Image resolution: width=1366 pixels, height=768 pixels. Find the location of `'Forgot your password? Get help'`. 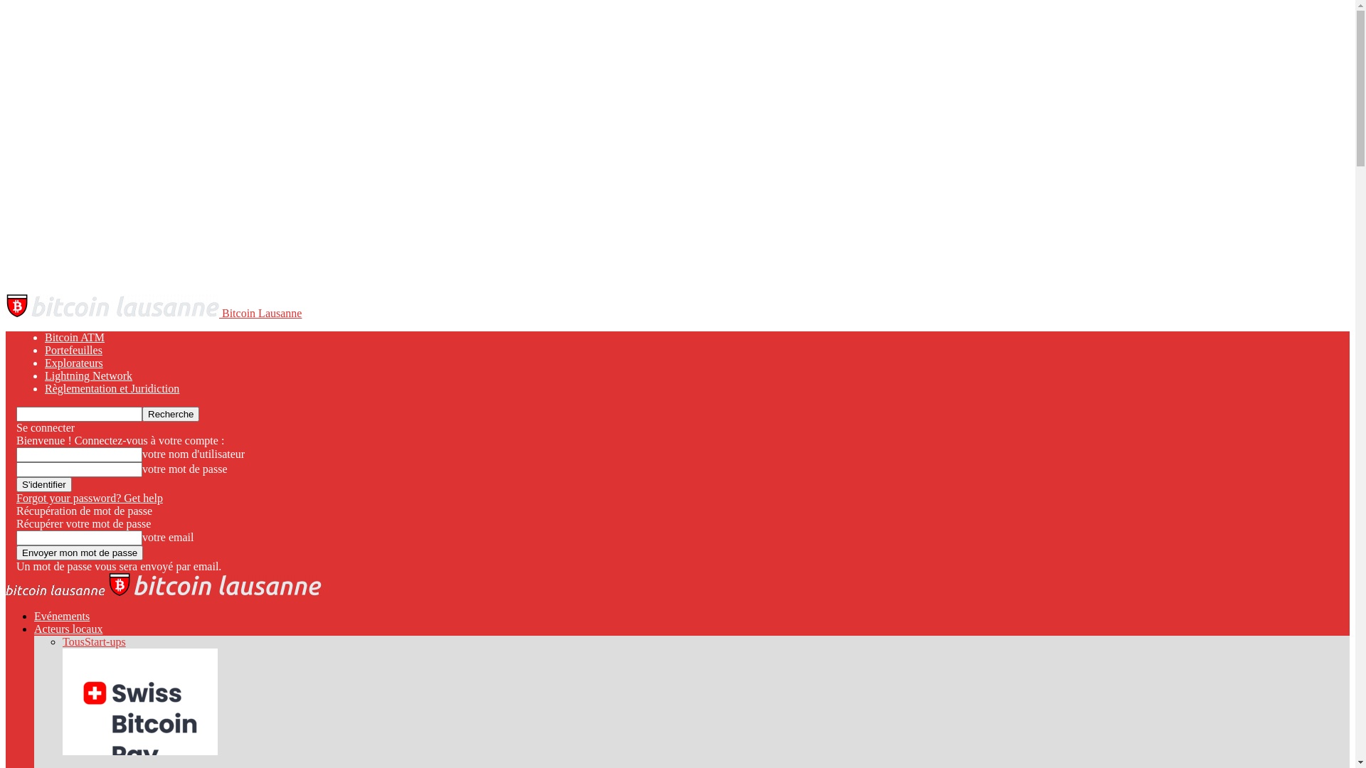

'Forgot your password? Get help' is located at coordinates (16, 497).